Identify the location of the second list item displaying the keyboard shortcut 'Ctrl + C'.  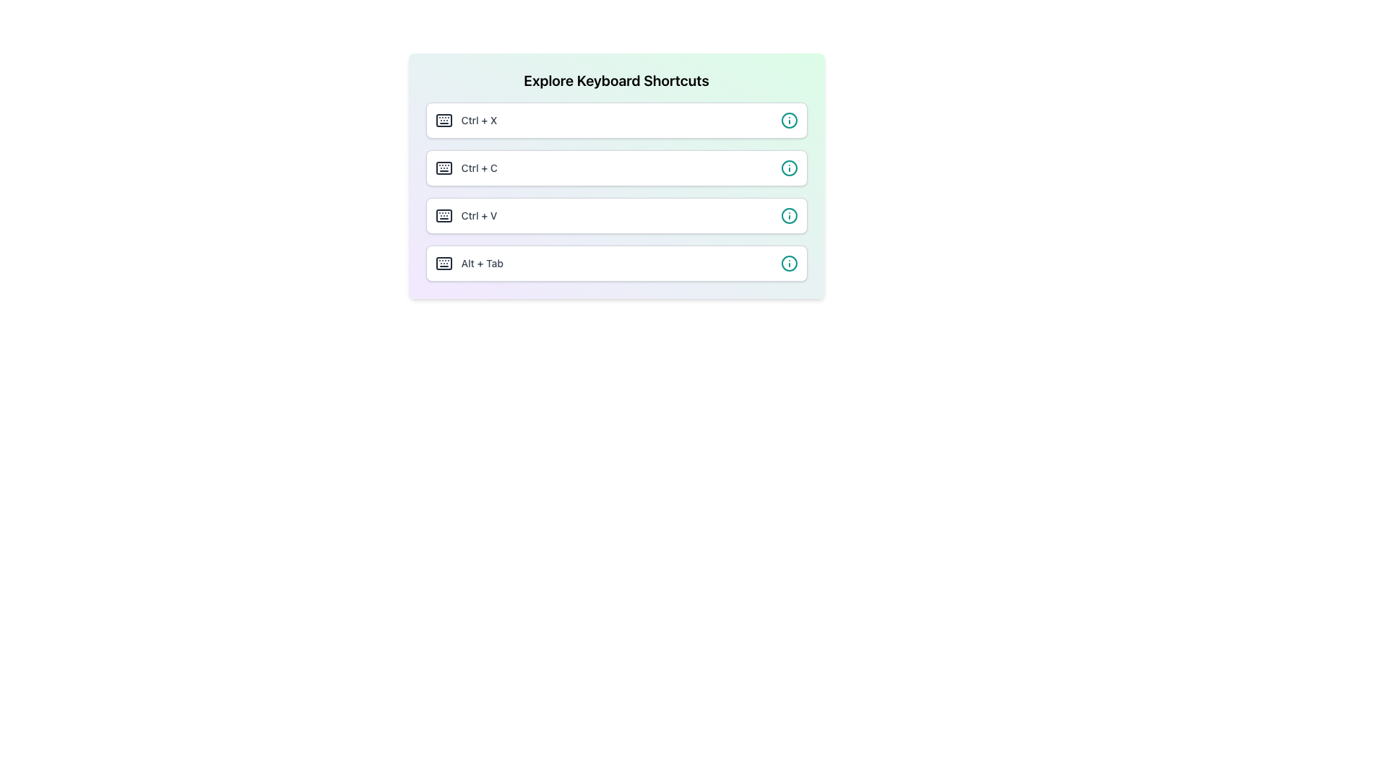
(616, 175).